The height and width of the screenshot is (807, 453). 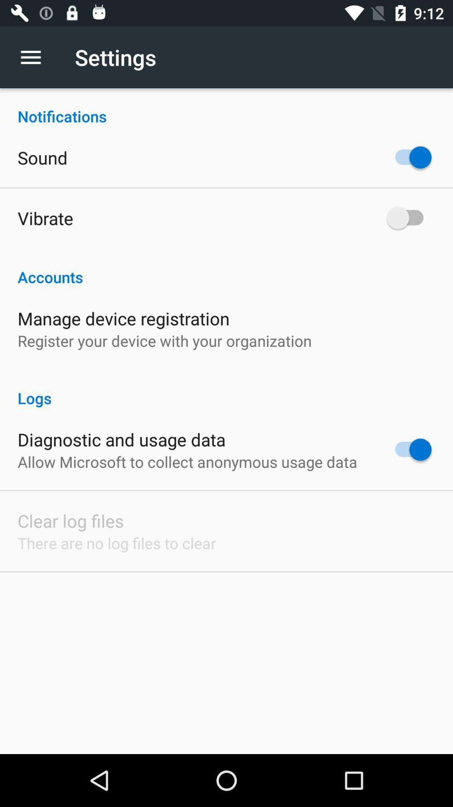 What do you see at coordinates (35, 57) in the screenshot?
I see `icon to the left of settings app` at bounding box center [35, 57].